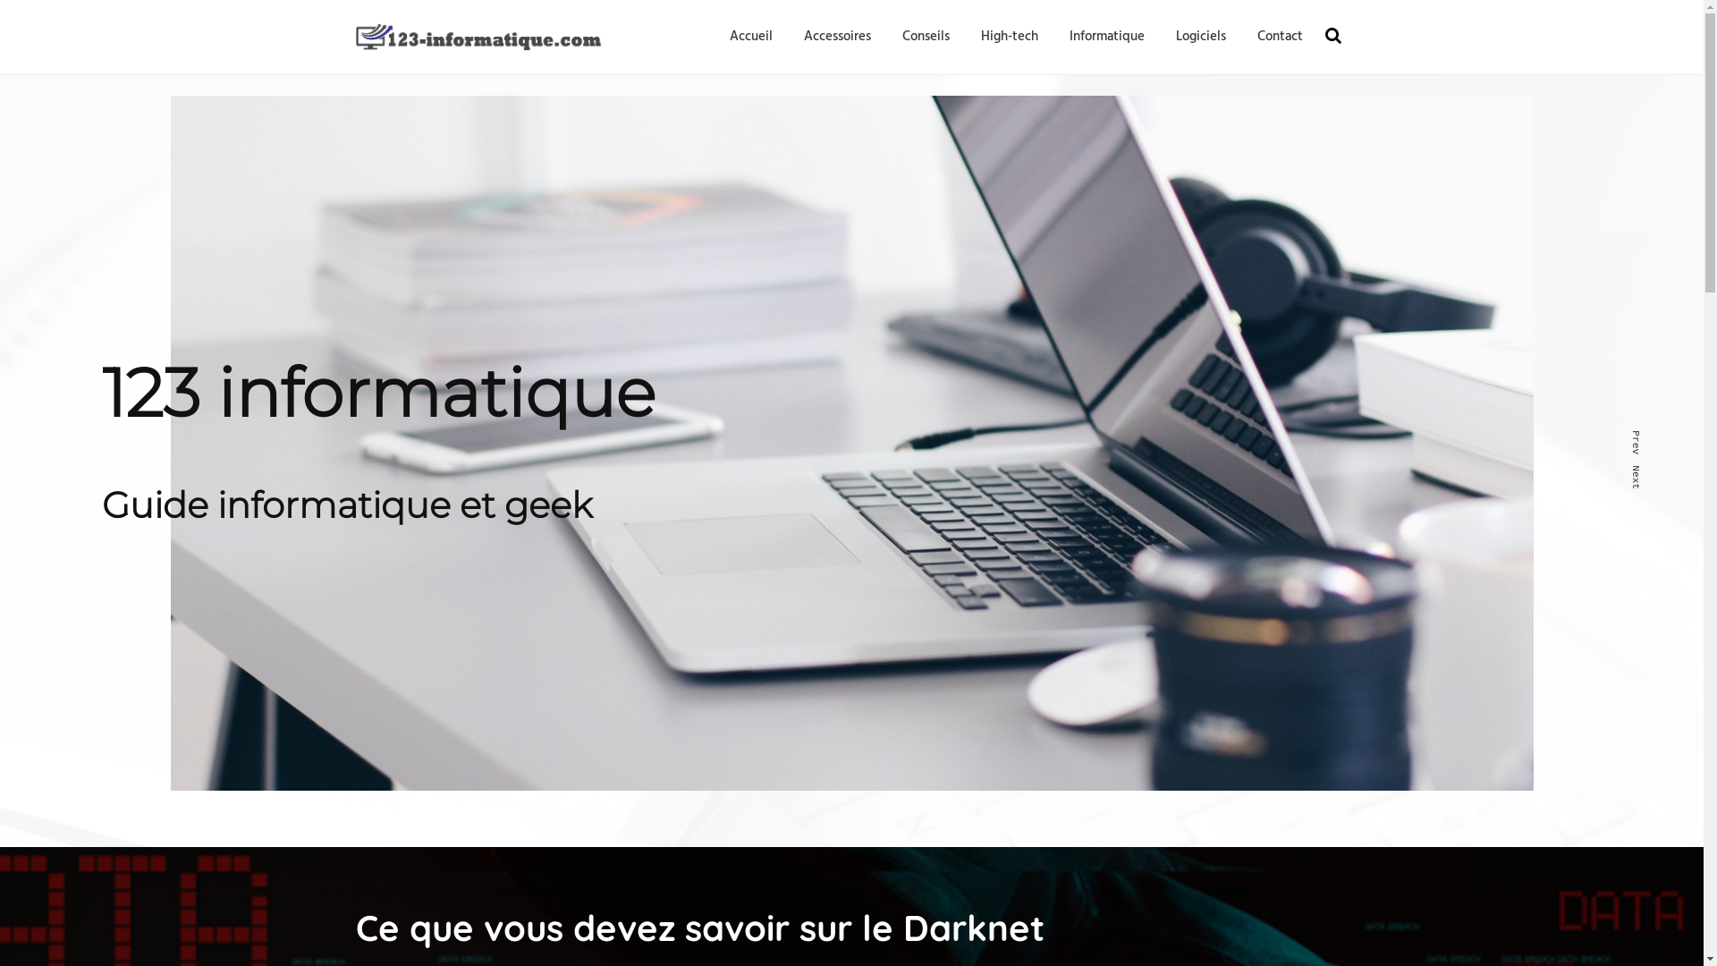 The width and height of the screenshot is (1717, 966). Describe the element at coordinates (356, 71) in the screenshot. I see `'123 informatique'` at that location.